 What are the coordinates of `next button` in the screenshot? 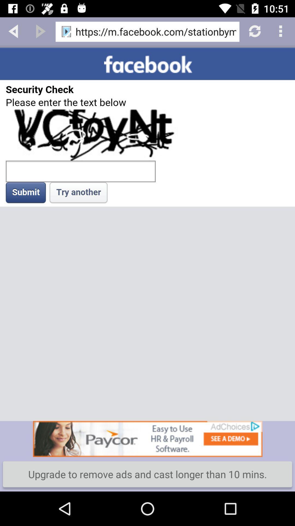 It's located at (40, 30).